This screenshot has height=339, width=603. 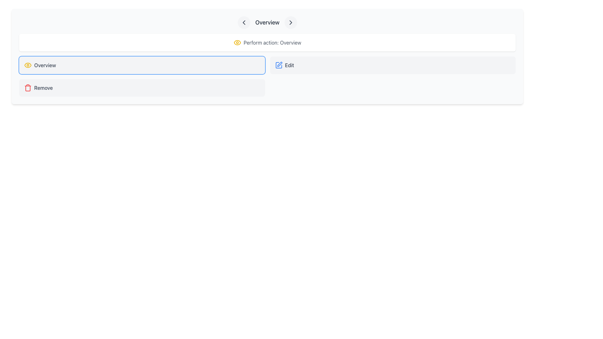 I want to click on the Chevron Navigation icon located at the top right of the interface, adjacent to the 'Overview' text label, so click(x=291, y=22).